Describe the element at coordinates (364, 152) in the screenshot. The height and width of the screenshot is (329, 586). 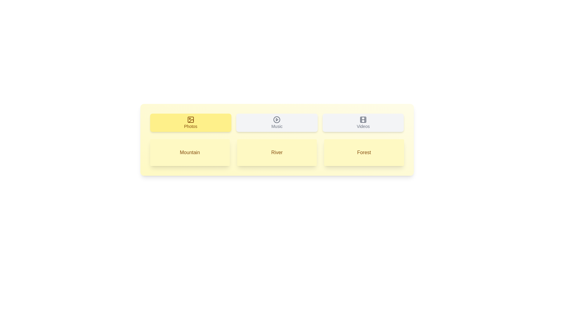
I see `the tab or list item labeled Forest` at that location.